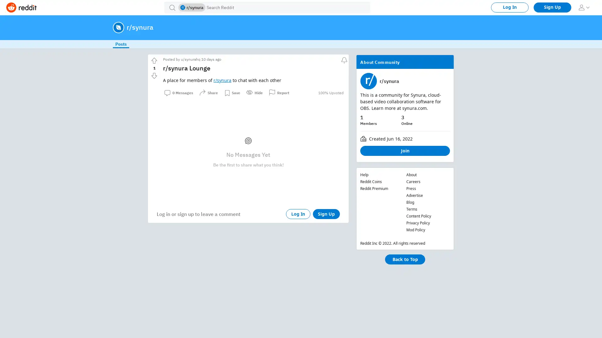 The width and height of the screenshot is (602, 338). What do you see at coordinates (279, 93) in the screenshot?
I see `Report` at bounding box center [279, 93].